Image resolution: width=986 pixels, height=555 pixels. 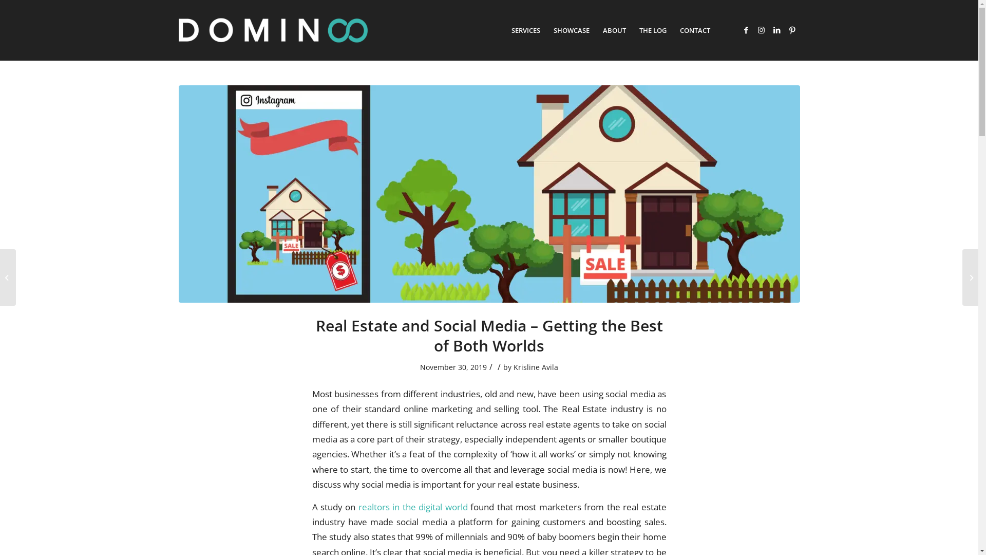 I want to click on 'ABOUT', so click(x=596, y=29).